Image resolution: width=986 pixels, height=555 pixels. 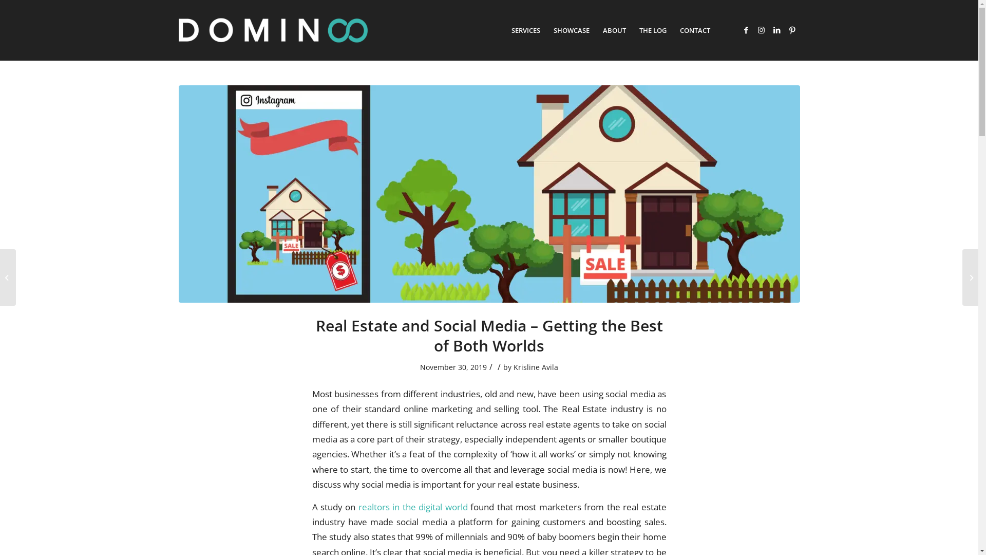 I want to click on 'ABOUT', so click(x=596, y=29).